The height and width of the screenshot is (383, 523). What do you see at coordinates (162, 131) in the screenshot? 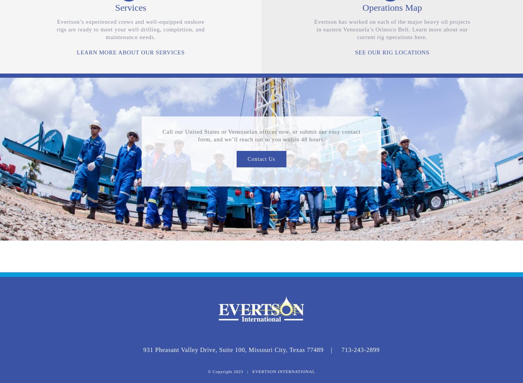
I see `'Call our United States or Venezuelan offices now,'` at bounding box center [162, 131].